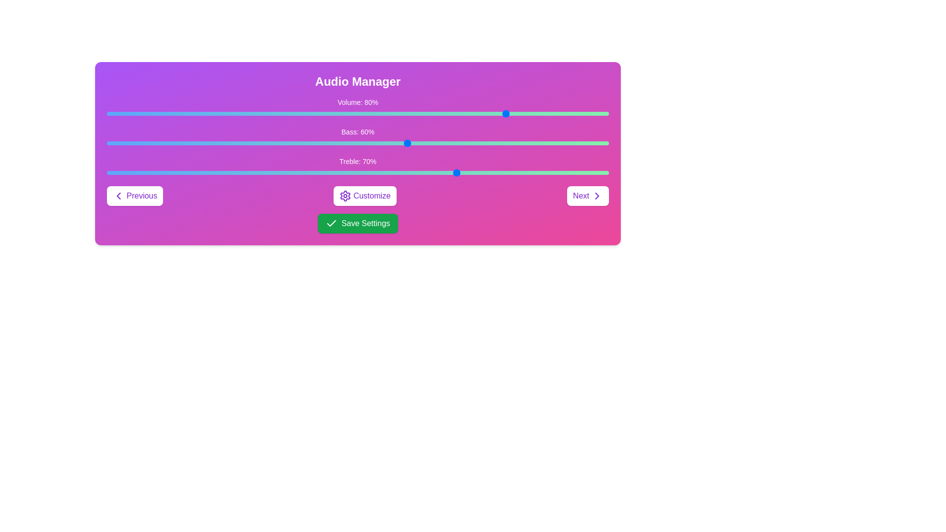 The width and height of the screenshot is (946, 532). I want to click on bass level, so click(117, 143).